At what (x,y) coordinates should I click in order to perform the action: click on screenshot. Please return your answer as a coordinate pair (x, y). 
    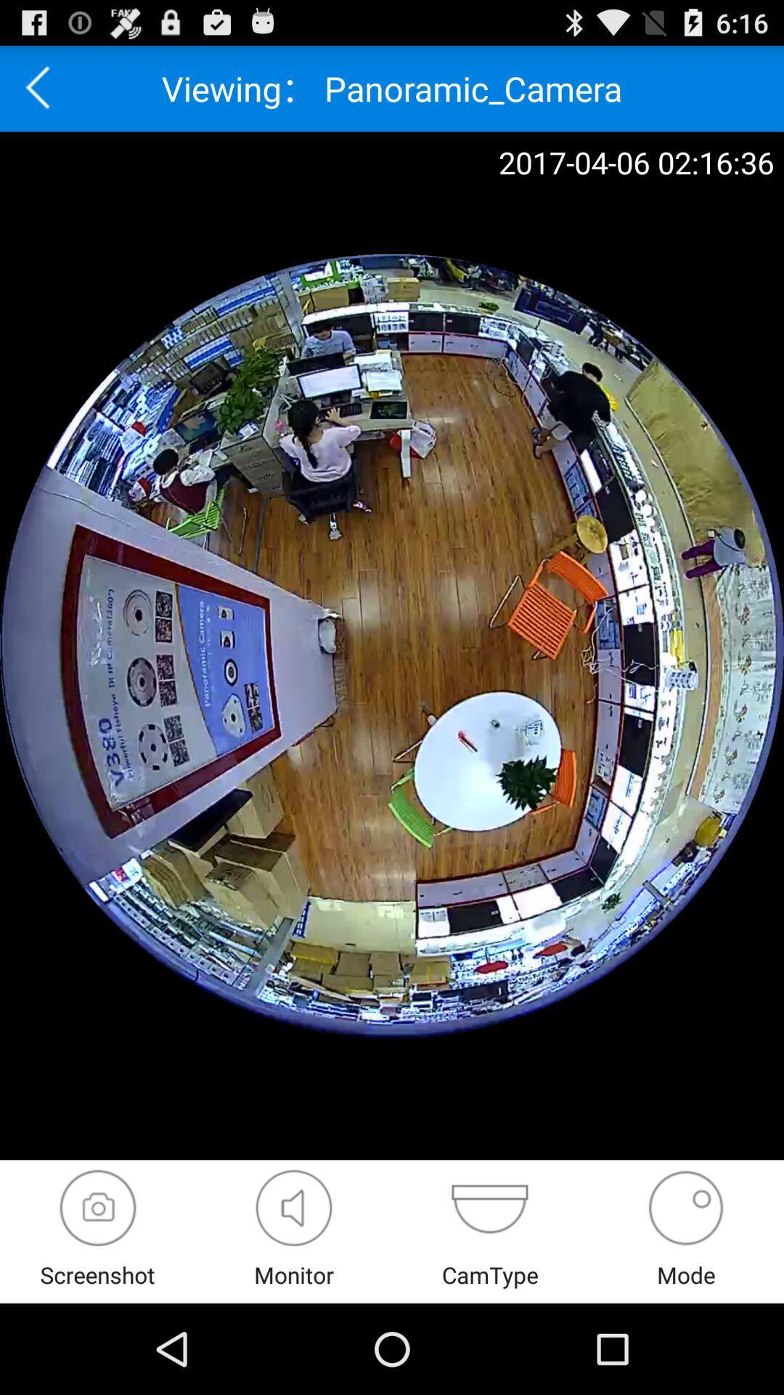
    Looking at the image, I should click on (98, 1208).